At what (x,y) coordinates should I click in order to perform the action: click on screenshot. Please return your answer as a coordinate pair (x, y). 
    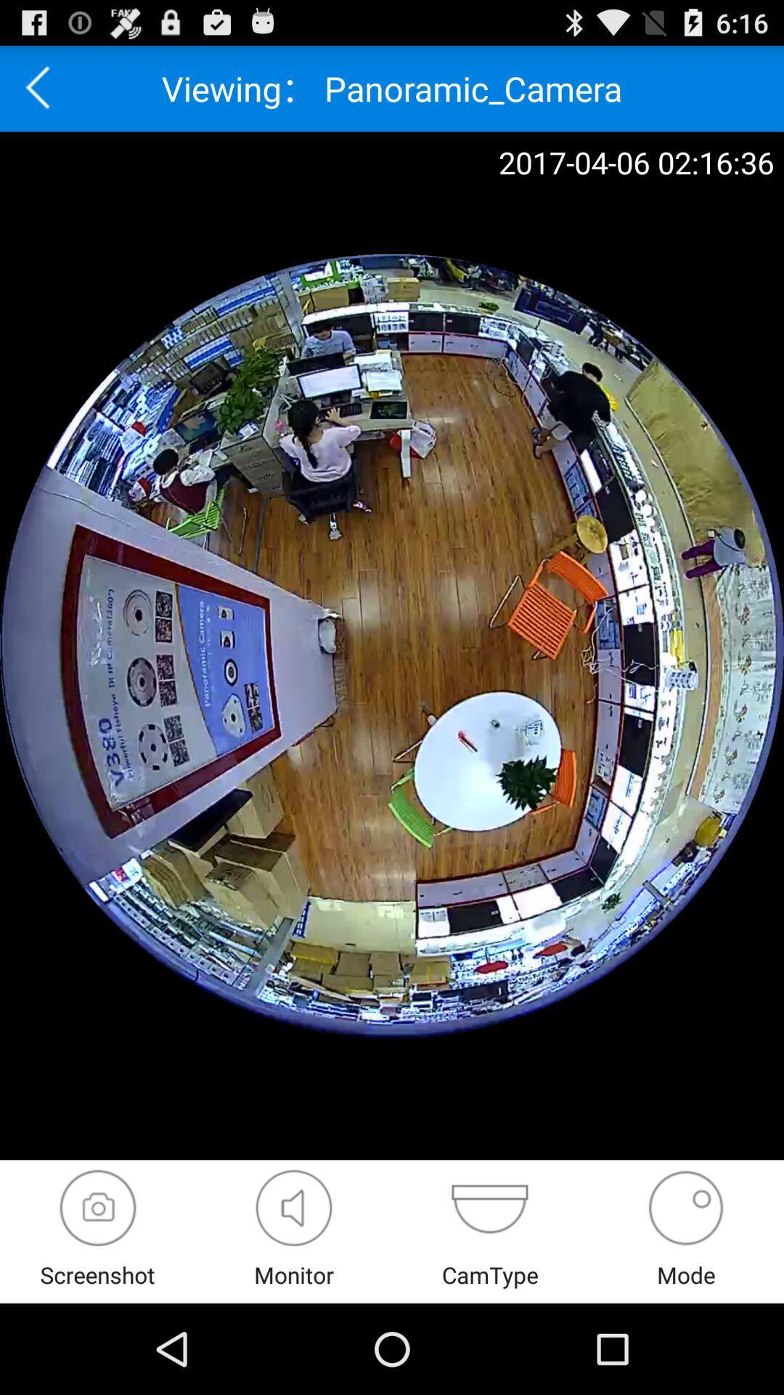
    Looking at the image, I should click on (98, 1208).